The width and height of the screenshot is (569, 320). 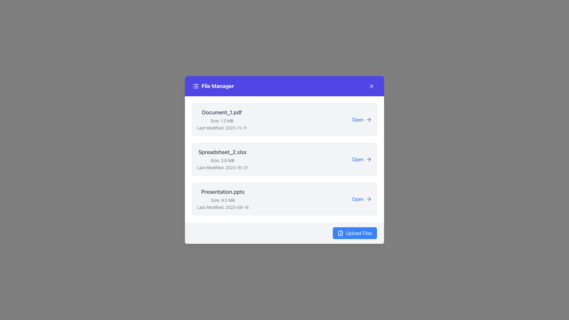 What do you see at coordinates (368, 199) in the screenshot?
I see `the blue rightward arrow icon within the 'Open' button, located to the right of the 'Presentation.pptx' file information in the third row of the 'File Manager' dialog` at bounding box center [368, 199].